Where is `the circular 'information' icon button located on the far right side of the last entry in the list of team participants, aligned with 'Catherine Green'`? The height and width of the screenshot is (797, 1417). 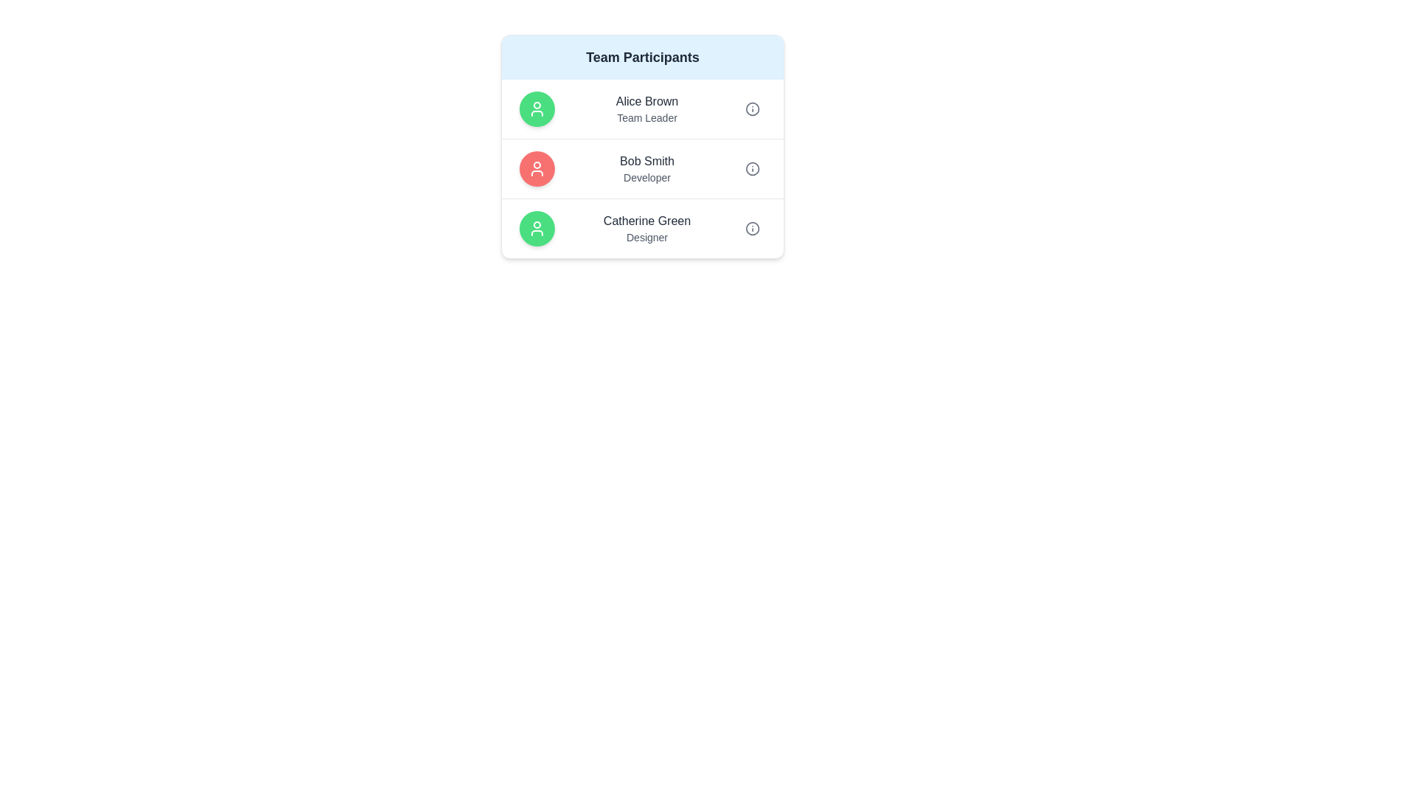
the circular 'information' icon button located on the far right side of the last entry in the list of team participants, aligned with 'Catherine Green' is located at coordinates (752, 228).